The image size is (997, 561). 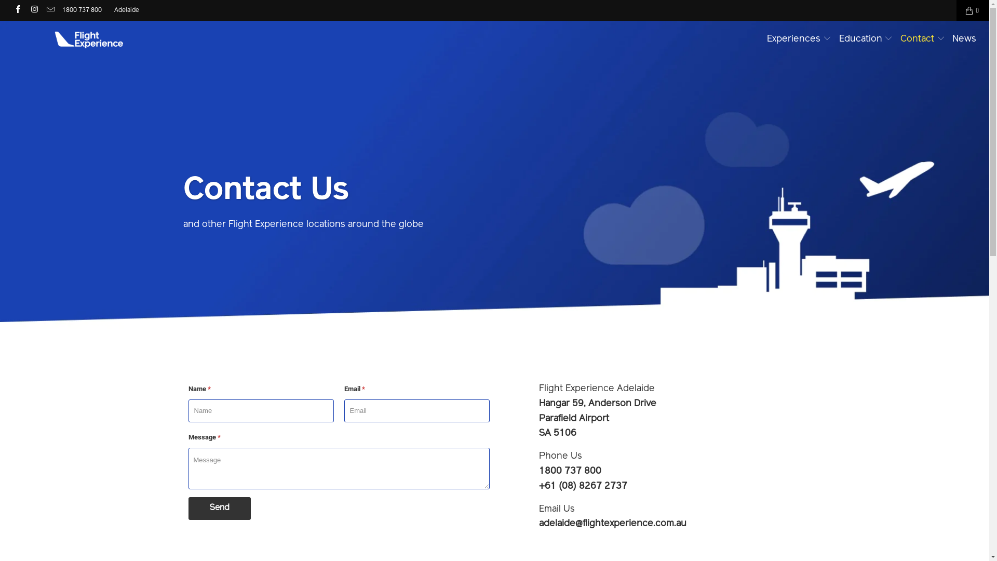 What do you see at coordinates (964, 39) in the screenshot?
I see `'News'` at bounding box center [964, 39].